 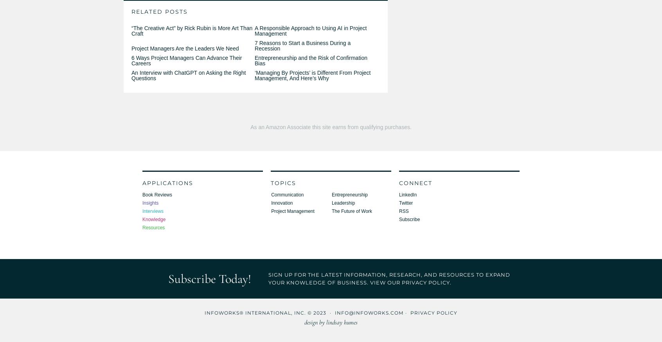 I want to click on 'Topics', so click(x=283, y=182).